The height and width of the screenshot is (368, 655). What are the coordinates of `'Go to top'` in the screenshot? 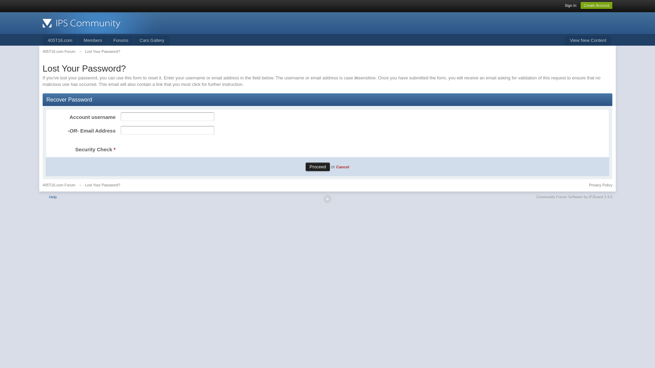 It's located at (327, 199).